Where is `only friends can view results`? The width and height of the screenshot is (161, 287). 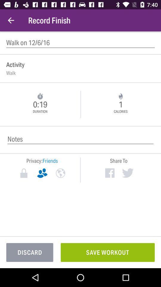
only friends can view results is located at coordinates (42, 173).